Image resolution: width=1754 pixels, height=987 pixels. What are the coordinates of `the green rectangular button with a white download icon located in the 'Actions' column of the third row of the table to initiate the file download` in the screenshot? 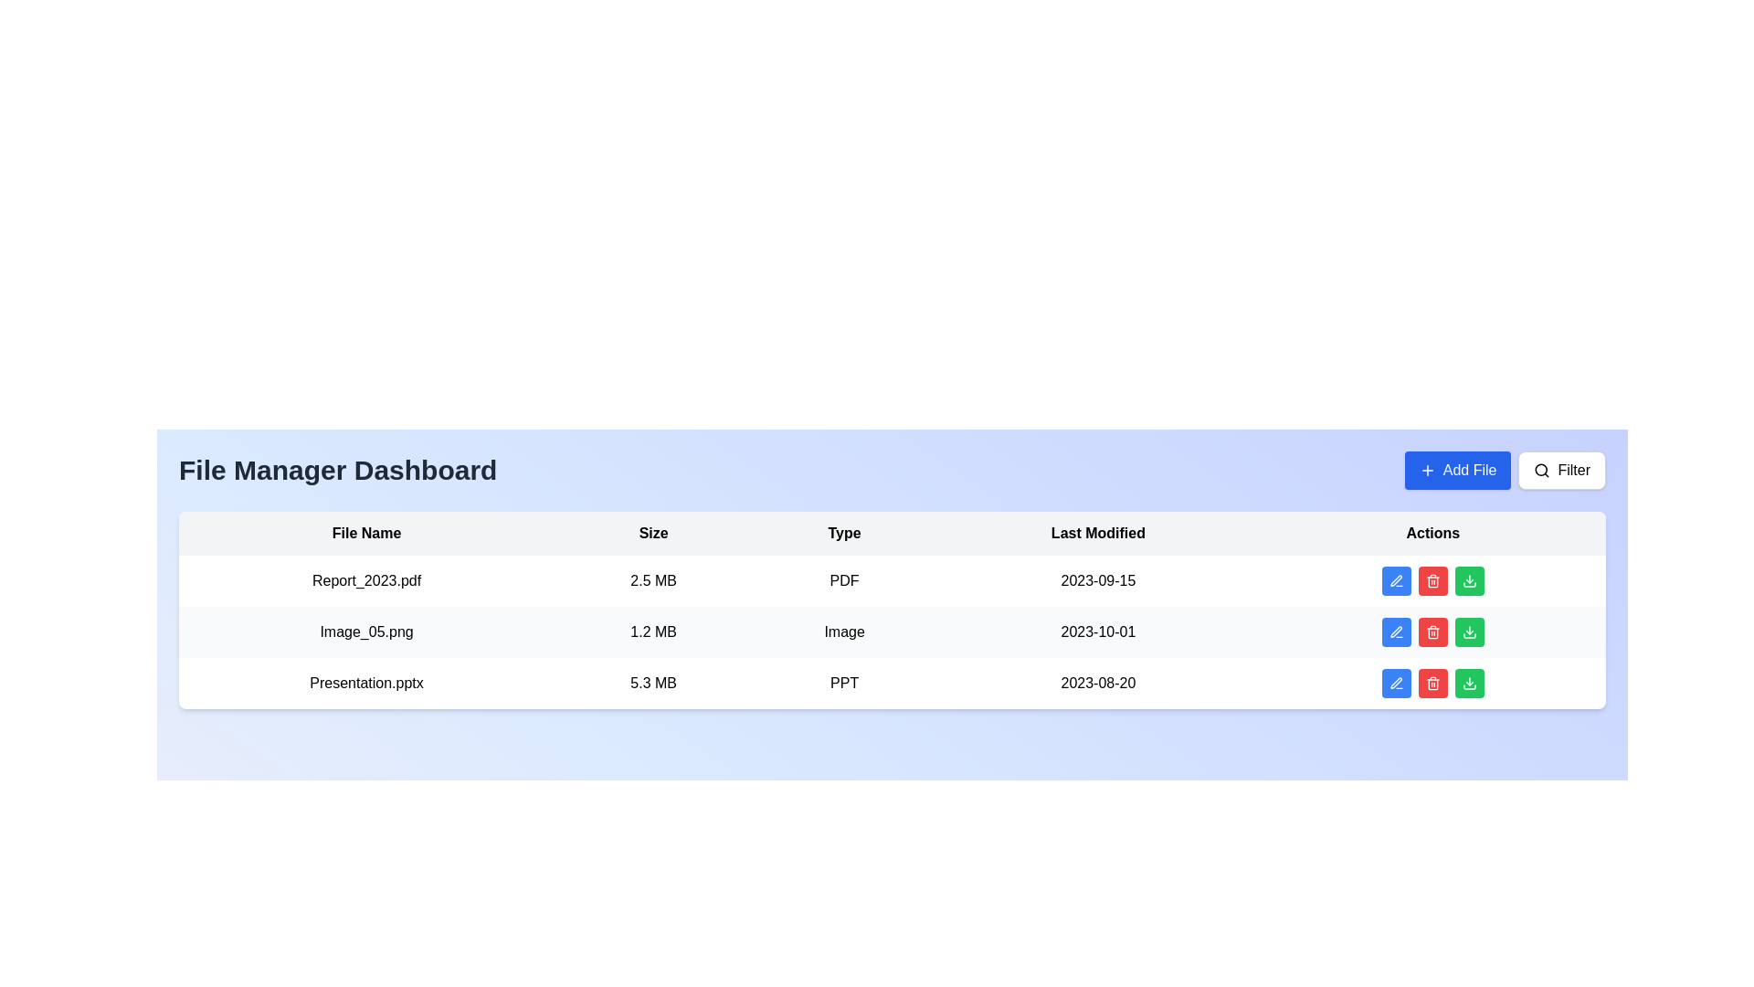 It's located at (1469, 684).